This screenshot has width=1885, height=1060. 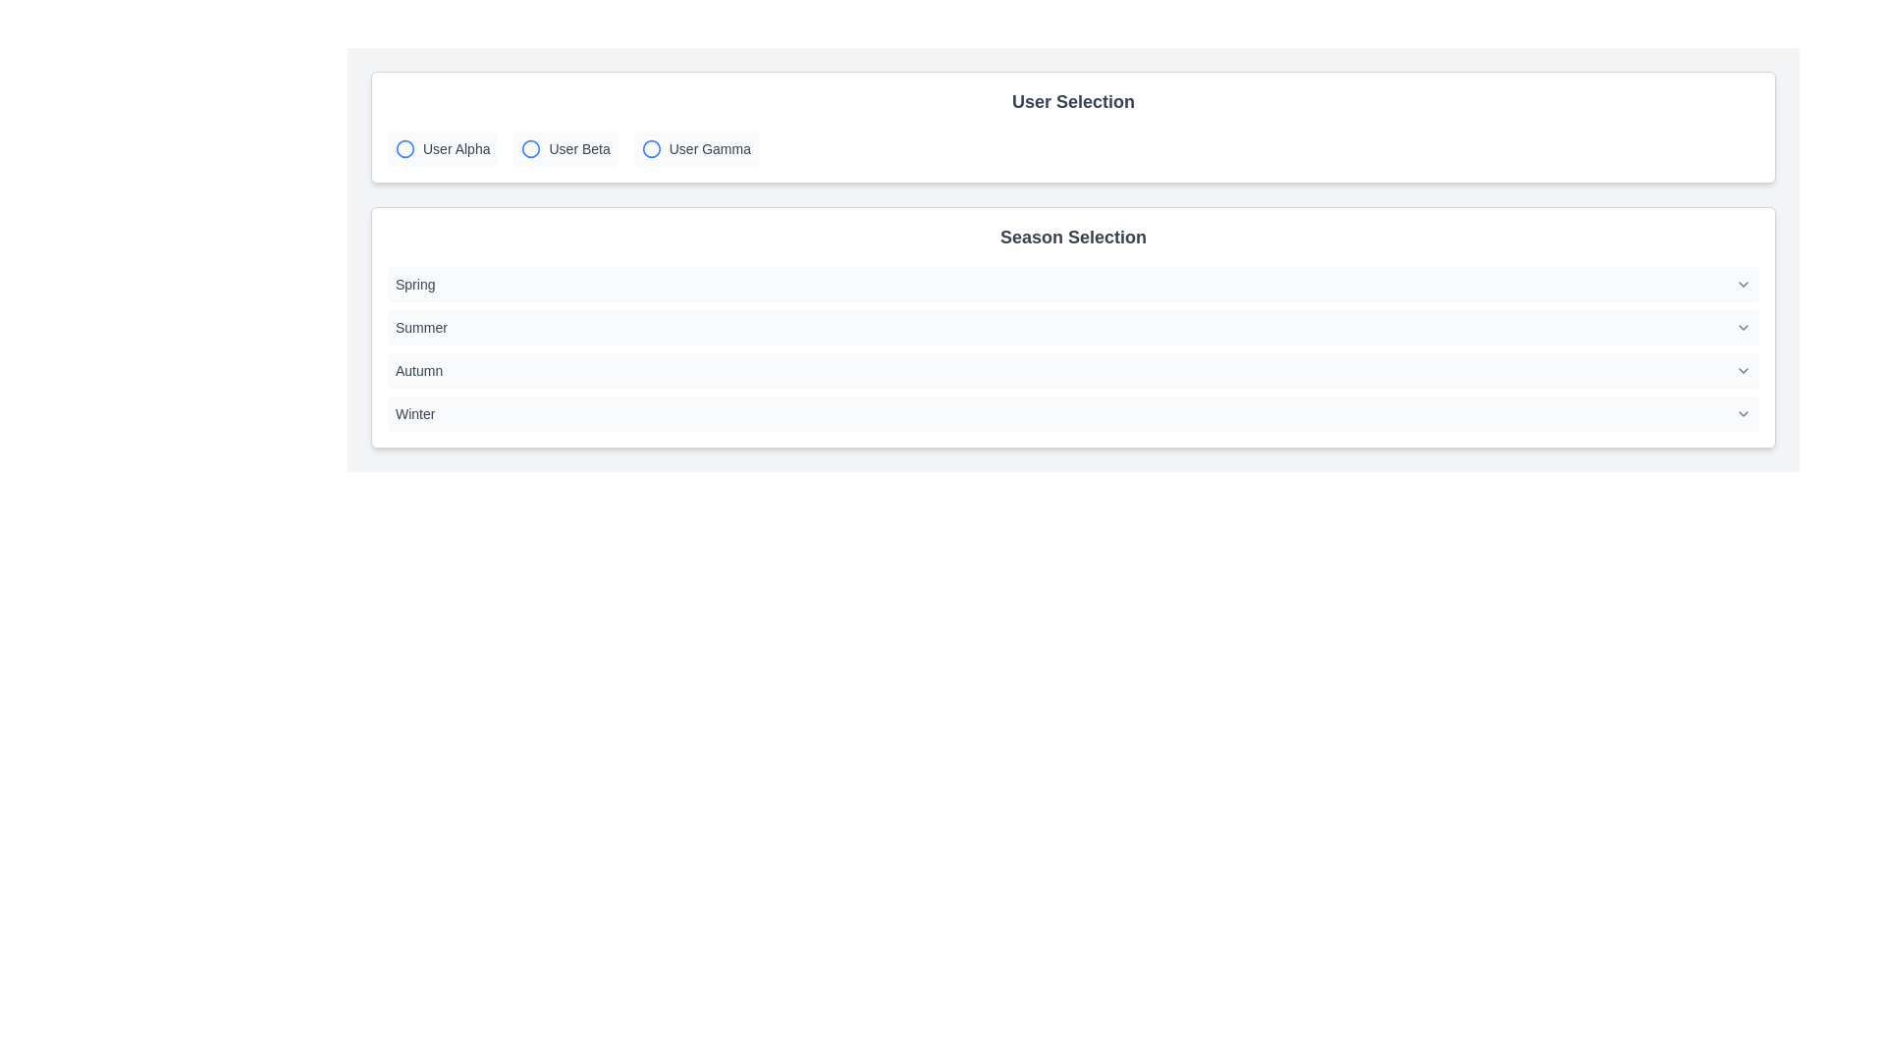 What do you see at coordinates (420, 327) in the screenshot?
I see `the selectable item 'Summer' in the dropdown list for visual feedback` at bounding box center [420, 327].